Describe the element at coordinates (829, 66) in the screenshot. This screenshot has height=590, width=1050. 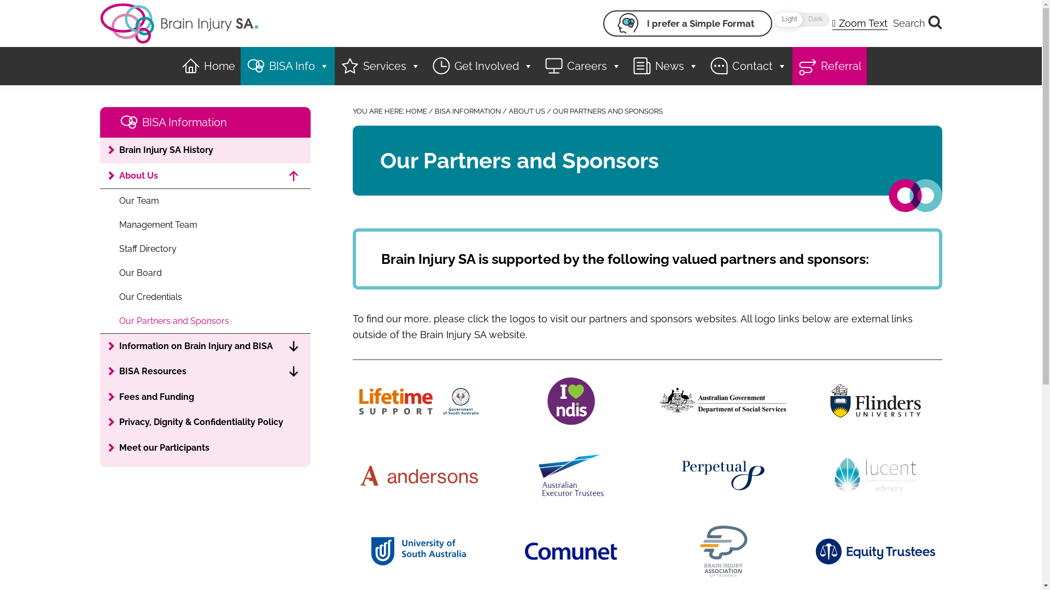
I see `'Referral'` at that location.